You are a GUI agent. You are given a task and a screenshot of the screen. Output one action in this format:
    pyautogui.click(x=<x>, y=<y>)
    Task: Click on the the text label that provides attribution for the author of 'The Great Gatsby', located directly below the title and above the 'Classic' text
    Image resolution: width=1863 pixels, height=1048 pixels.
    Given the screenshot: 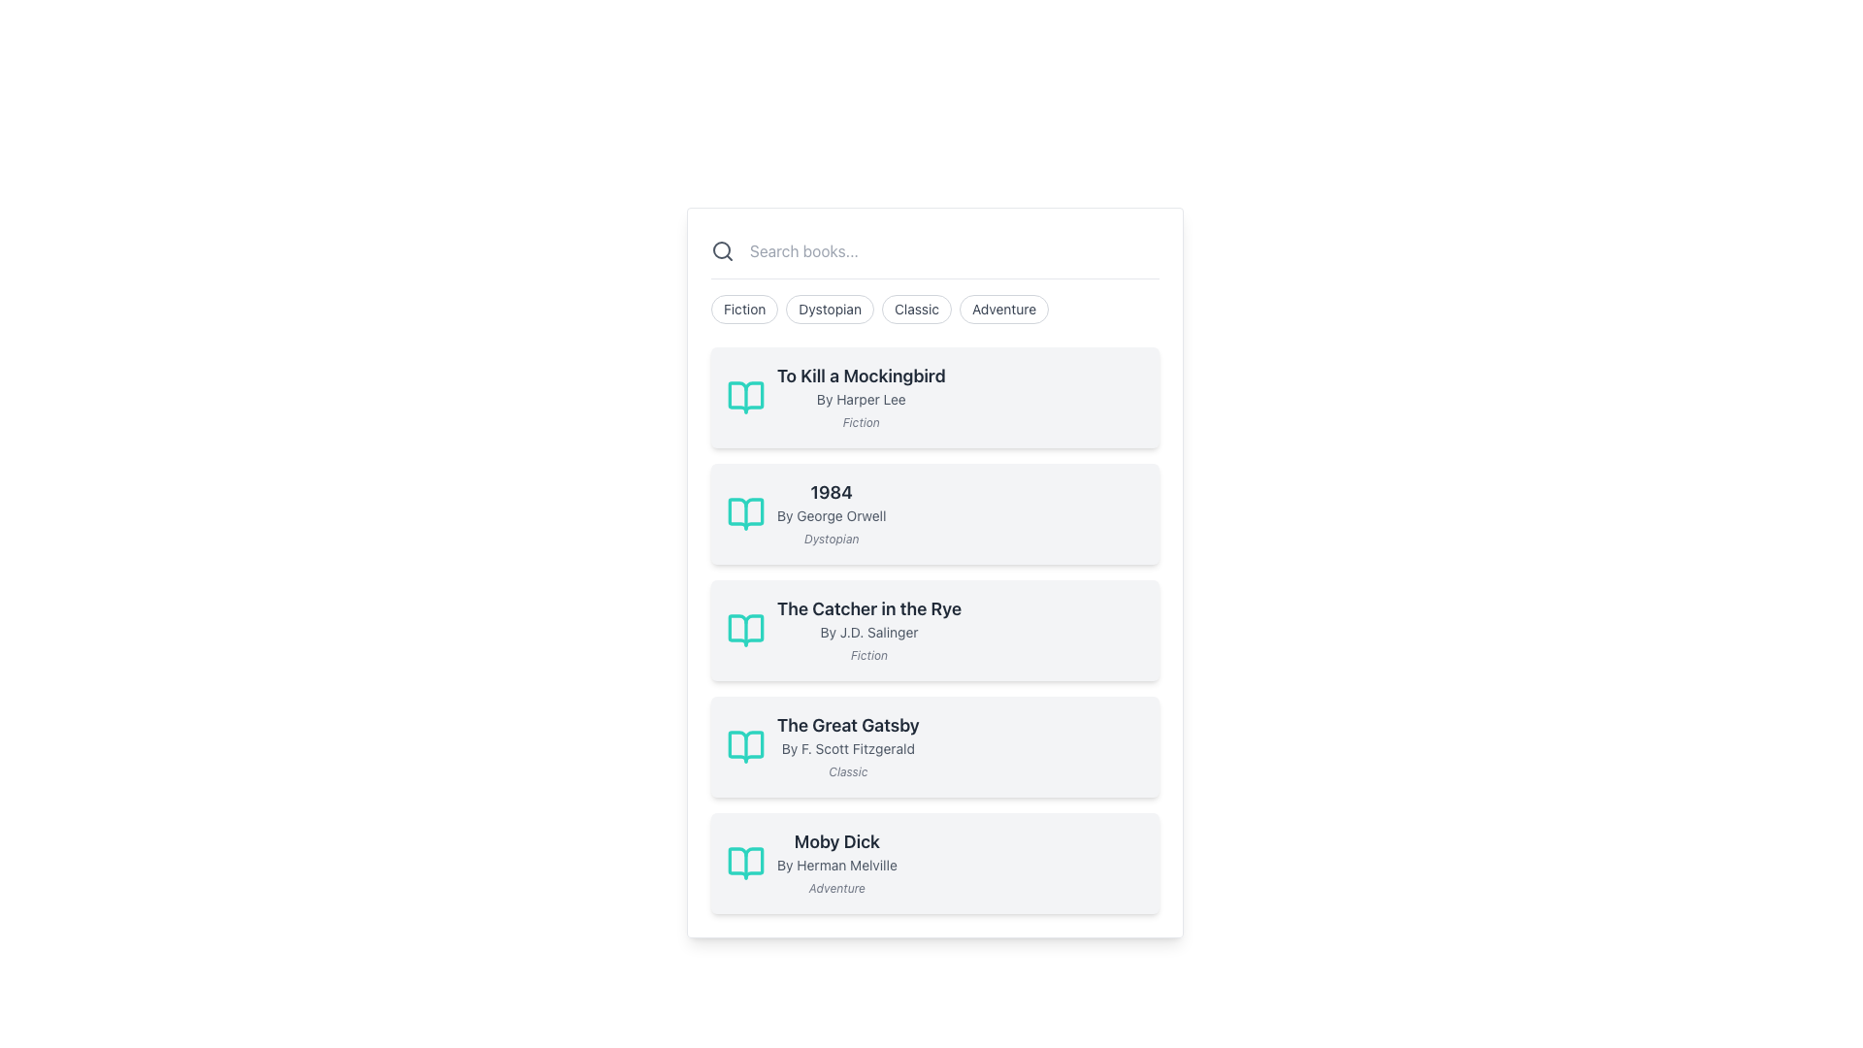 What is the action you would take?
    pyautogui.click(x=848, y=747)
    